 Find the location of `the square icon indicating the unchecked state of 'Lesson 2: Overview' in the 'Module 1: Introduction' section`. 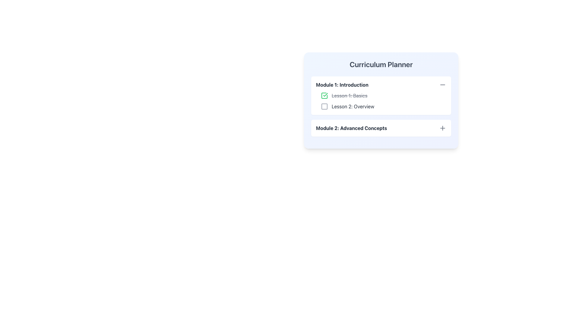

the square icon indicating the unchecked state of 'Lesson 2: Overview' in the 'Module 1: Introduction' section is located at coordinates (324, 106).